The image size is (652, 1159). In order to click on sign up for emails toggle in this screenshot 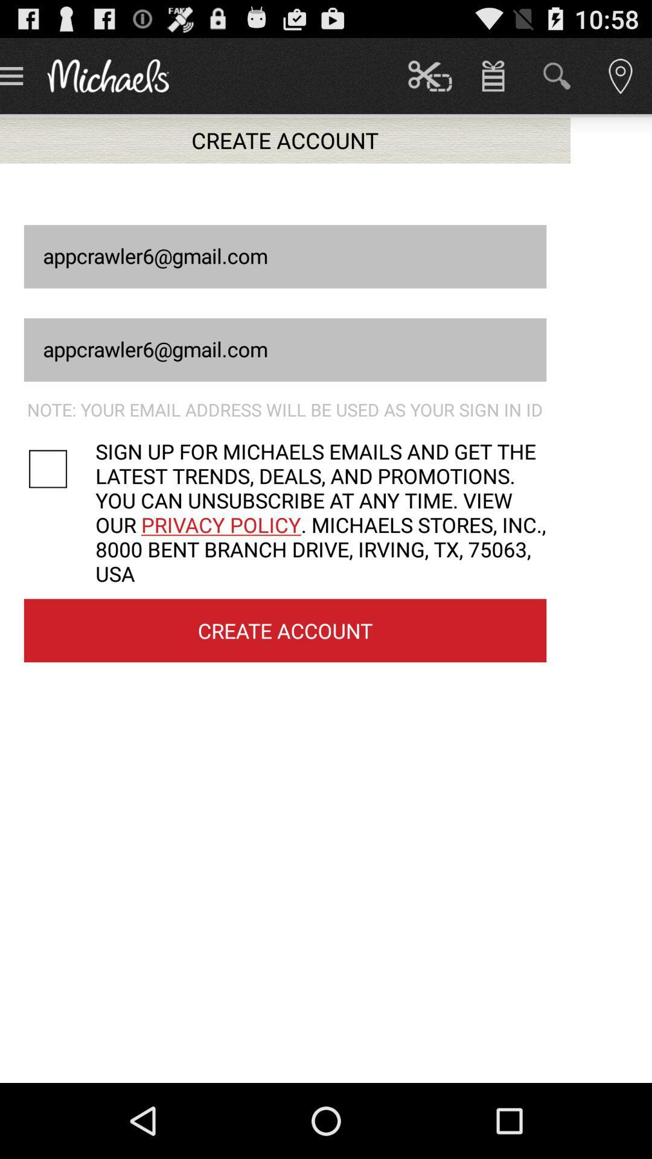, I will do `click(60, 468)`.